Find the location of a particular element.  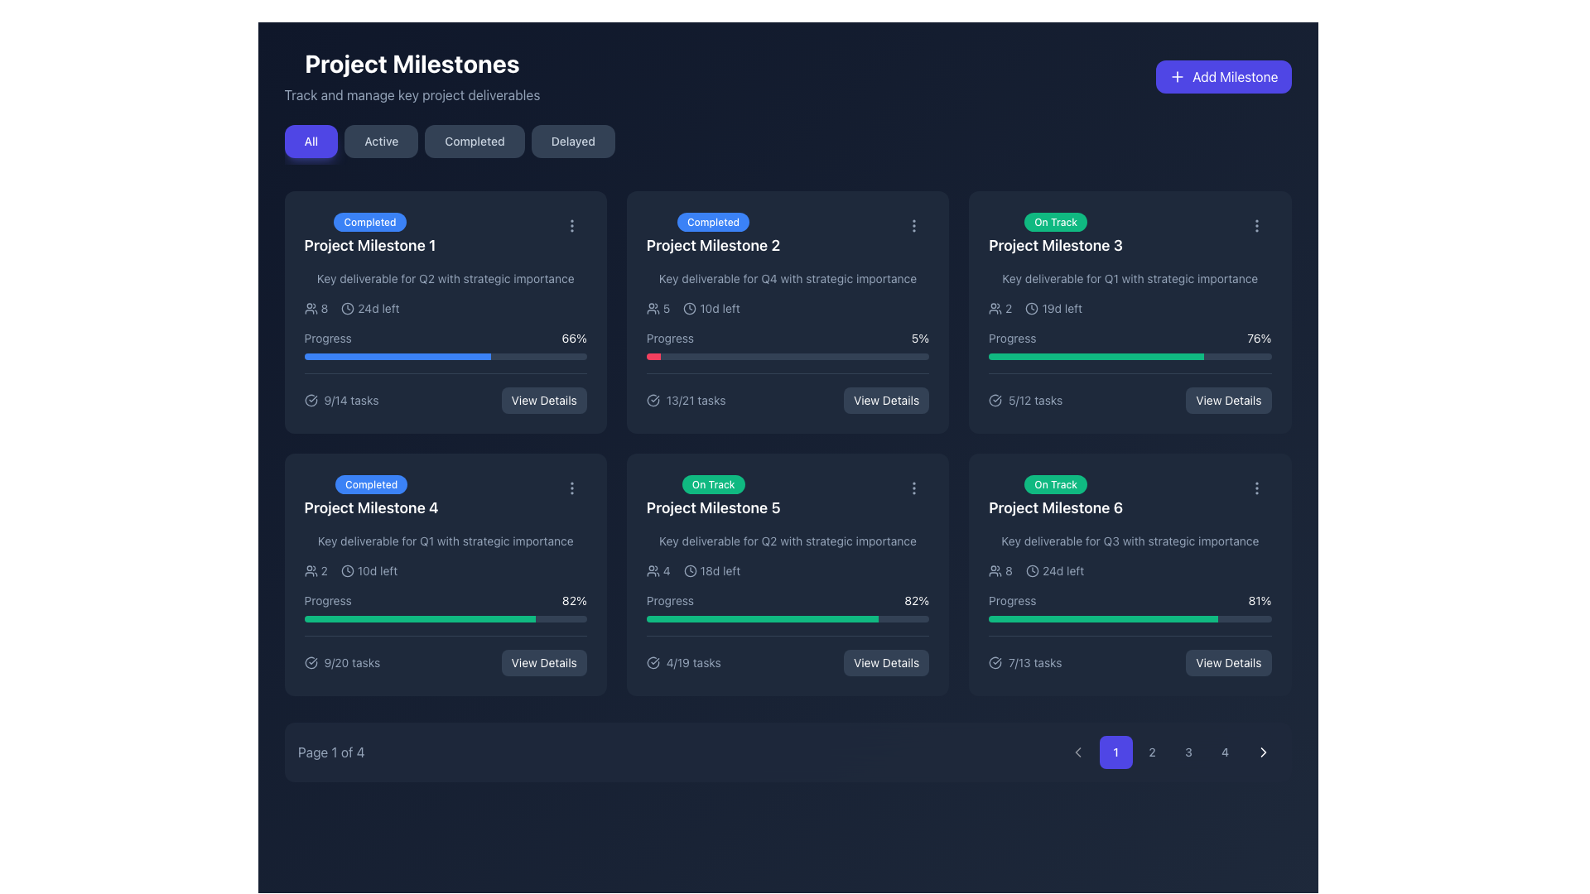

the third project milestone card in the top-right section of the display is located at coordinates (1129, 312).